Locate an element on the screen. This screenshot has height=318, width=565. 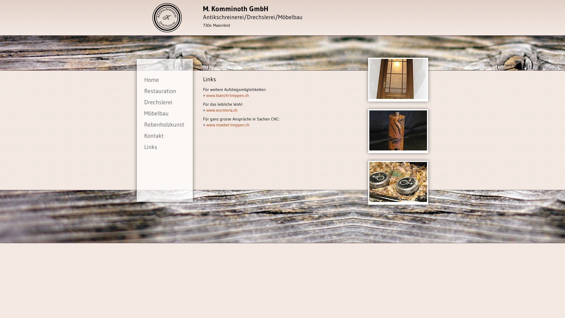
'Restauration' is located at coordinates (144, 91).